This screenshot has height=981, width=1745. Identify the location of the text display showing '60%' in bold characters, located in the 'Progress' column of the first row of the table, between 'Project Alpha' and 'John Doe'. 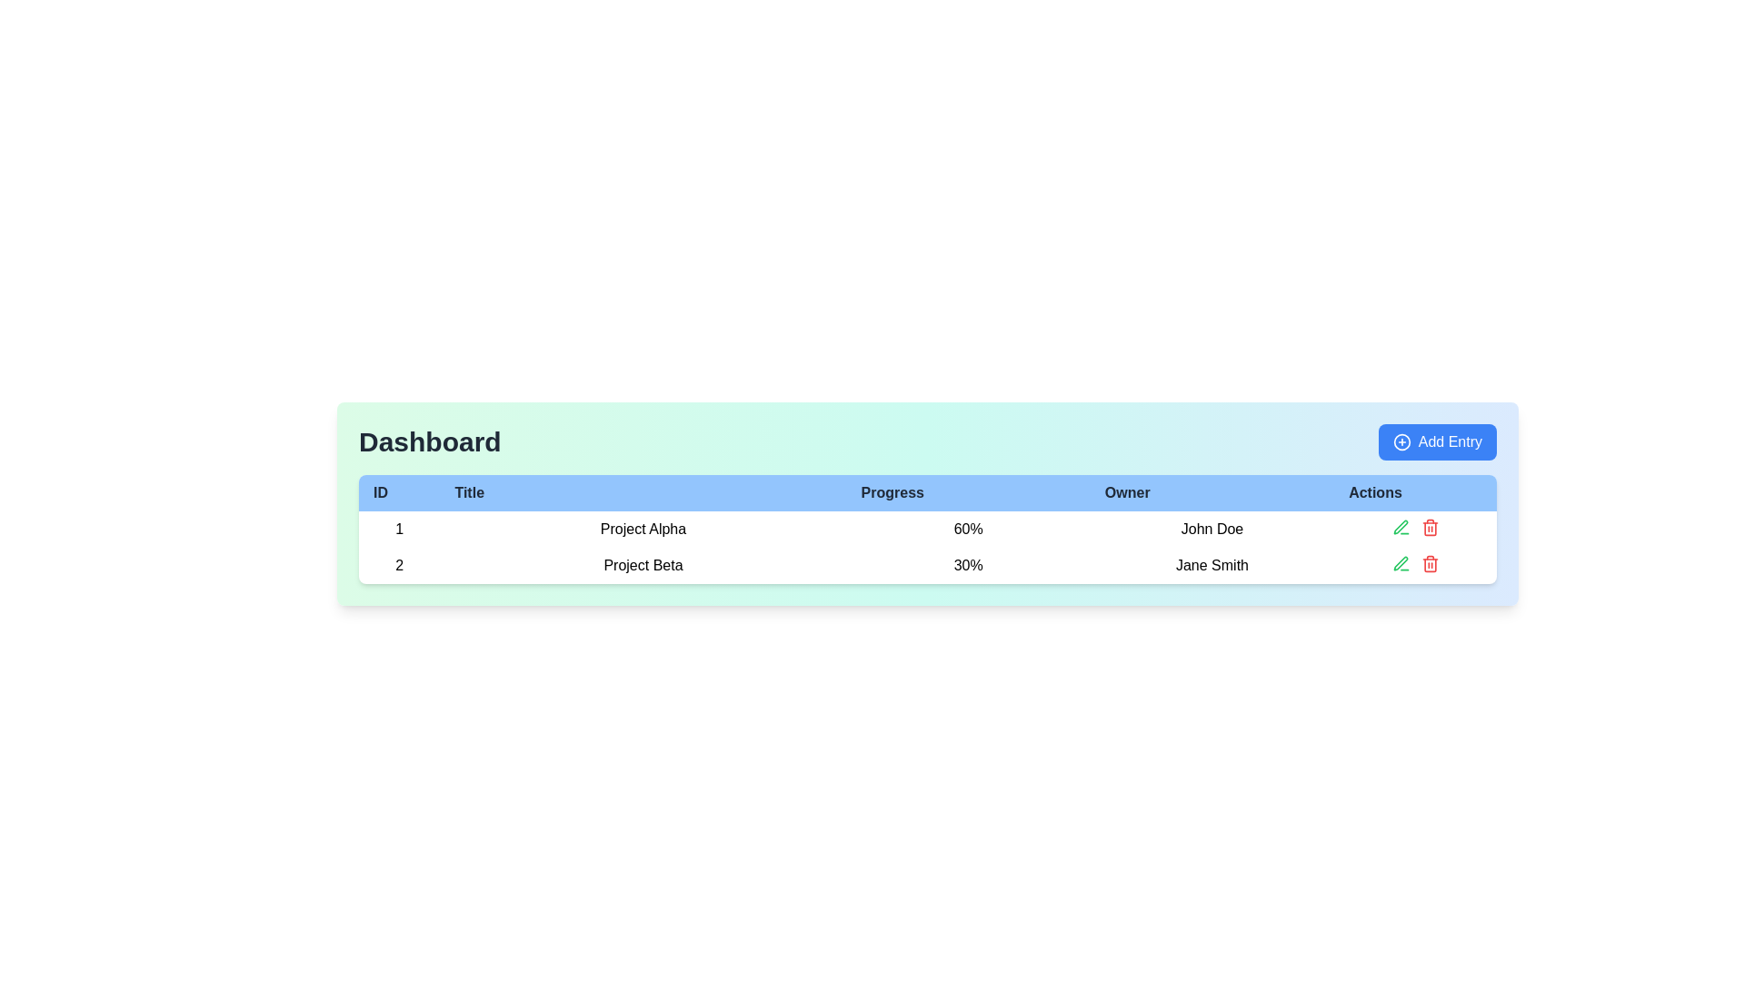
(967, 529).